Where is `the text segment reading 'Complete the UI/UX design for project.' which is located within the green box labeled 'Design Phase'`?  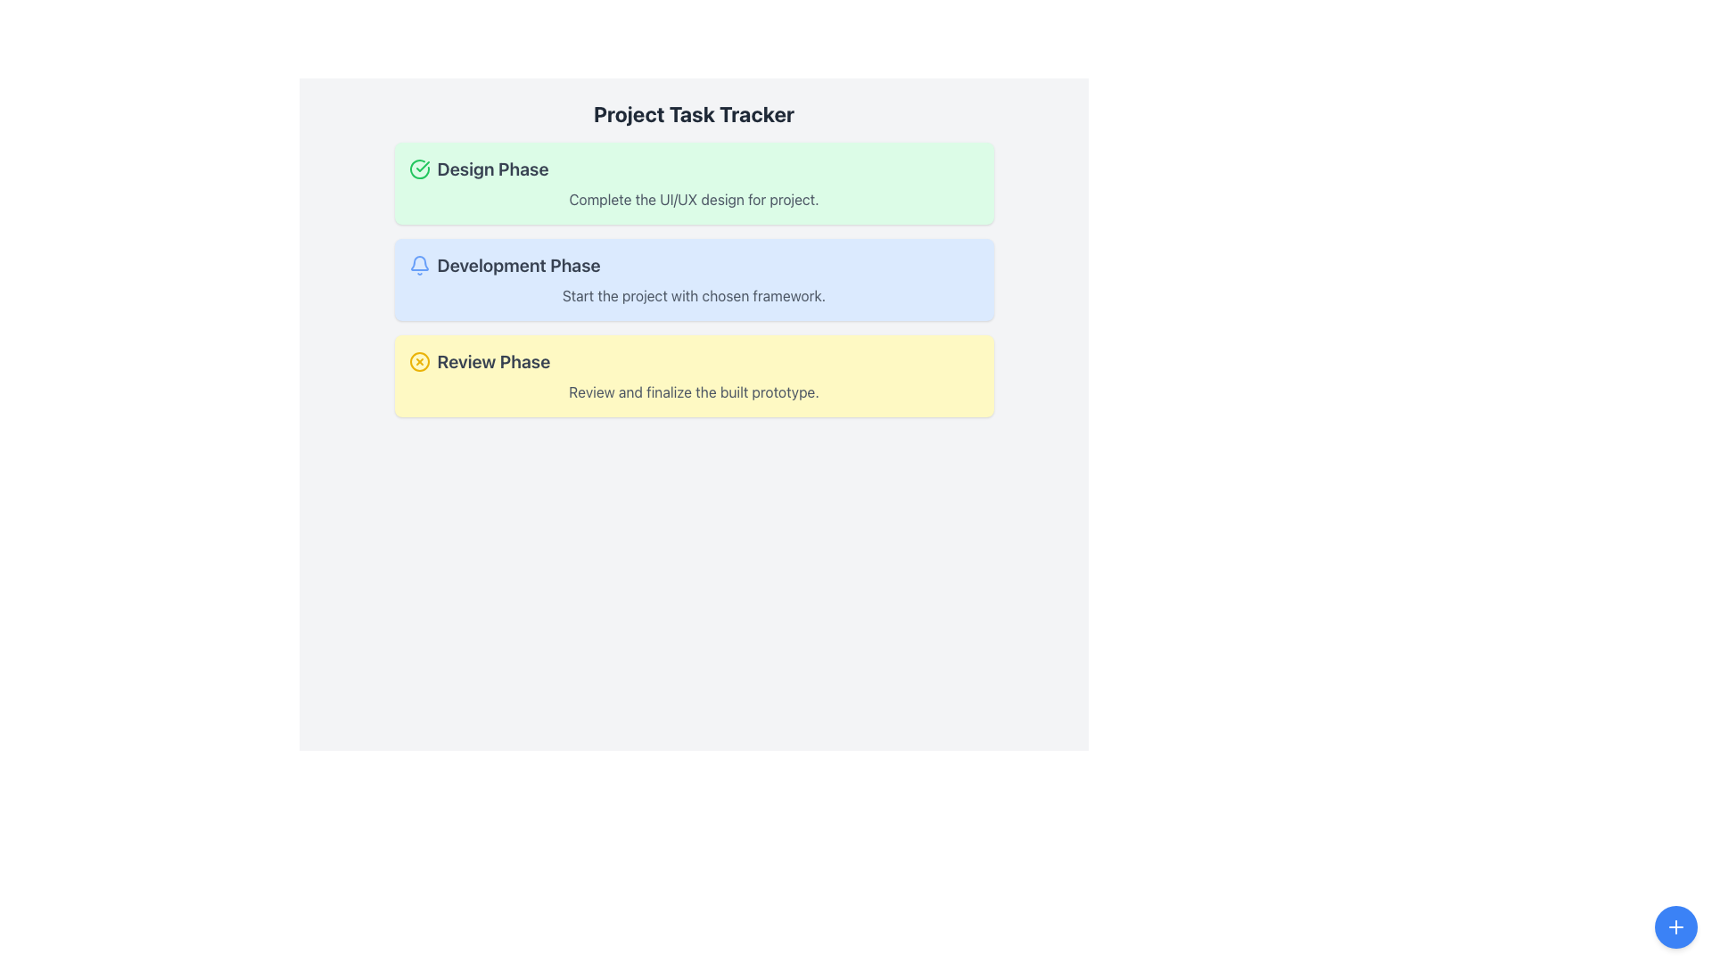 the text segment reading 'Complete the UI/UX design for project.' which is located within the green box labeled 'Design Phase' is located at coordinates (693, 199).